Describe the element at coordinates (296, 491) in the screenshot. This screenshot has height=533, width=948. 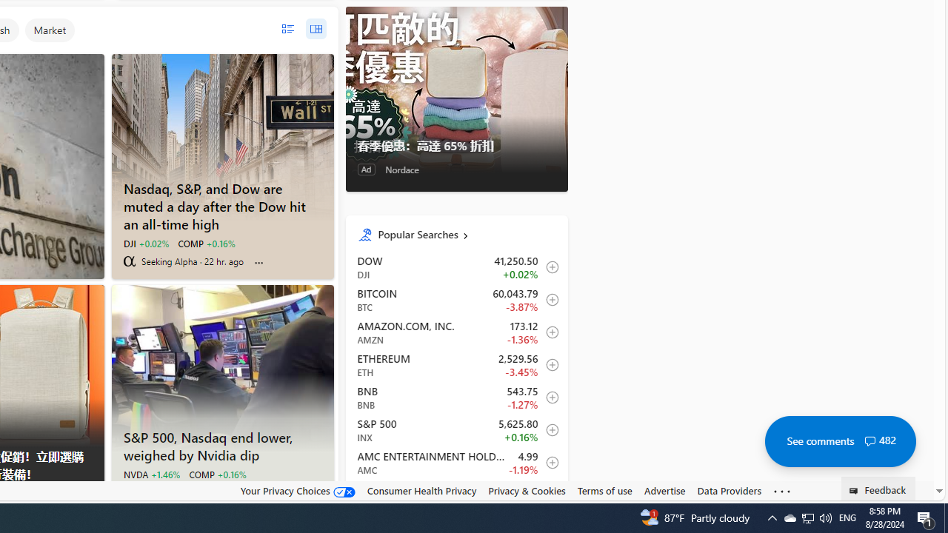
I see `'Your Privacy Choices'` at that location.